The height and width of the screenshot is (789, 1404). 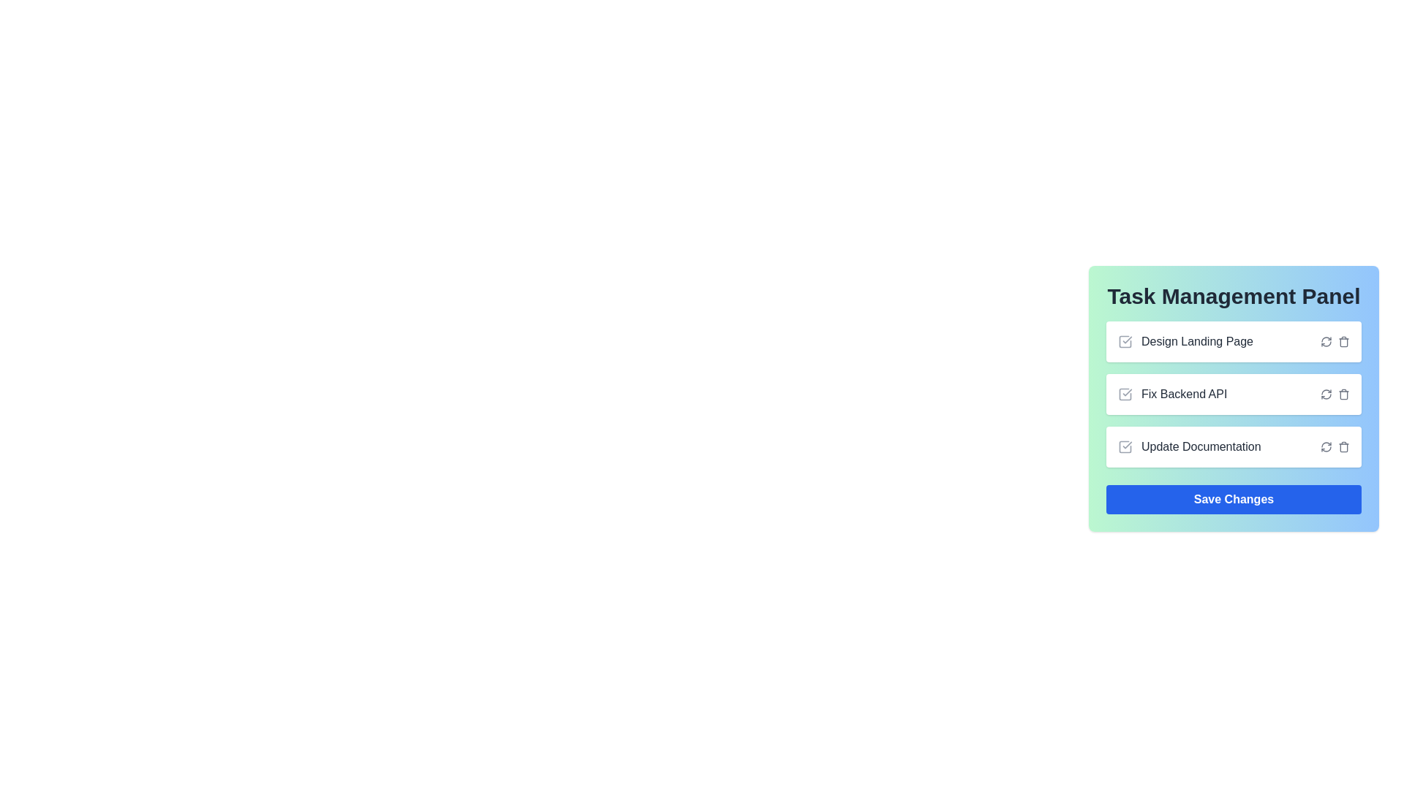 I want to click on the trash bin icon represented by the SVG element, so click(x=1344, y=447).